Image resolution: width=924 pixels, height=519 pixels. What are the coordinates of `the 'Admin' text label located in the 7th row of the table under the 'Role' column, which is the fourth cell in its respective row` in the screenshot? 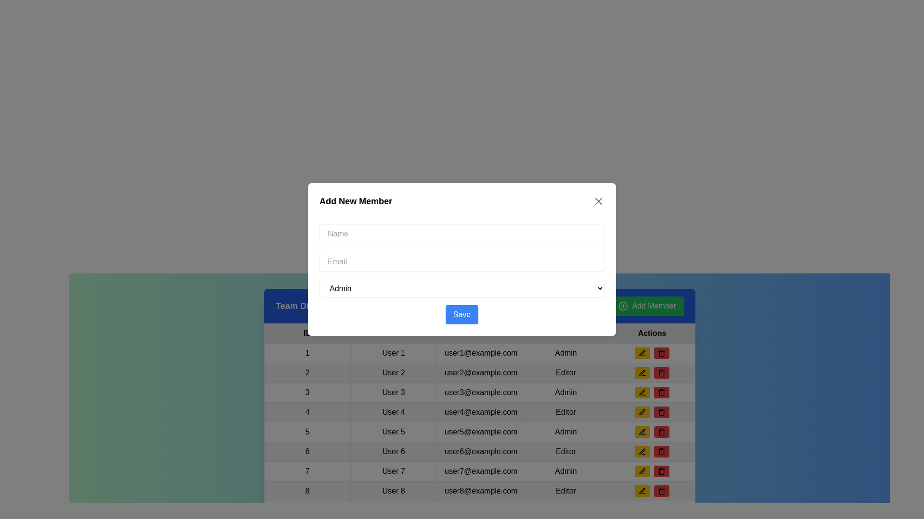 It's located at (566, 470).